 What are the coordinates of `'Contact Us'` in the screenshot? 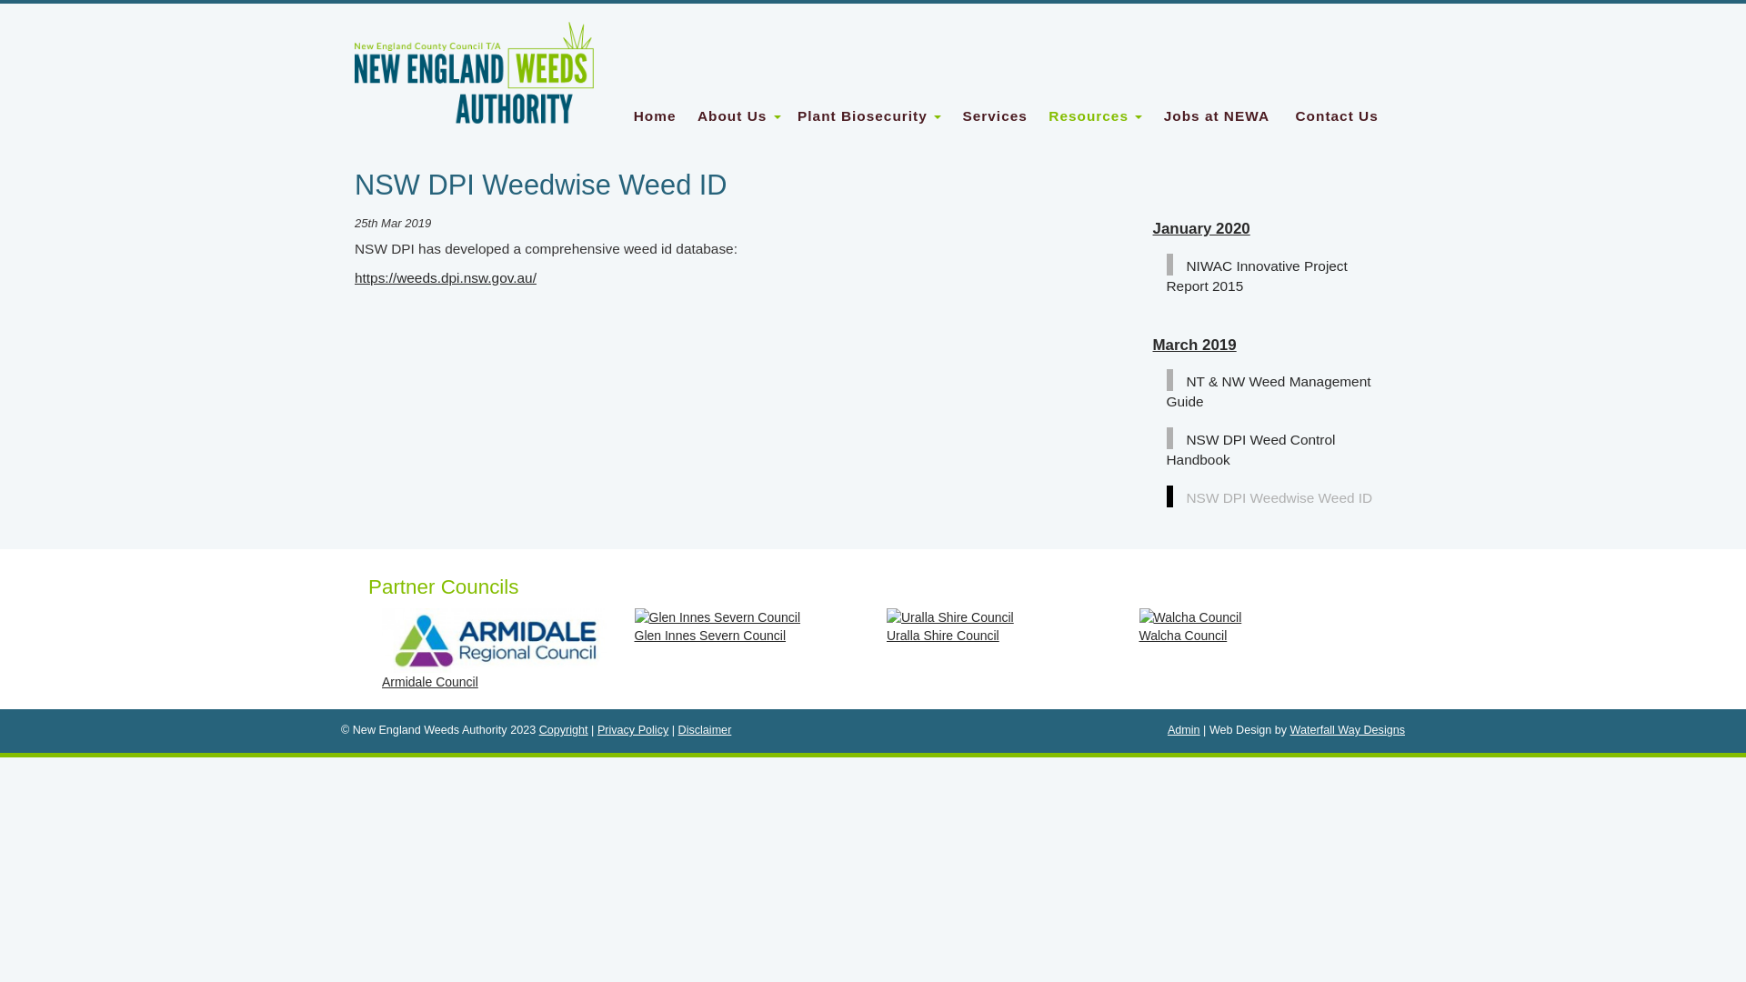 It's located at (1336, 115).